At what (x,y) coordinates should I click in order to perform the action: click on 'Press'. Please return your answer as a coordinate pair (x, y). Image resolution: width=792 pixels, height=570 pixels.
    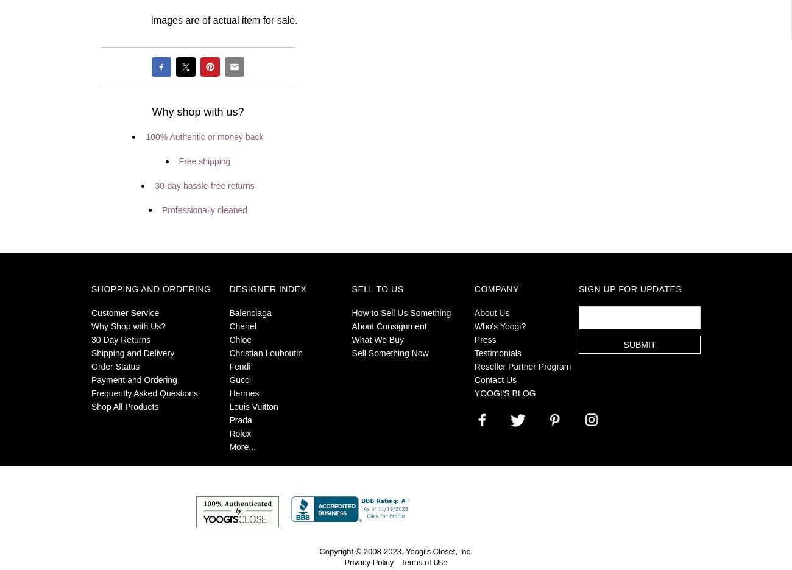
    Looking at the image, I should click on (484, 339).